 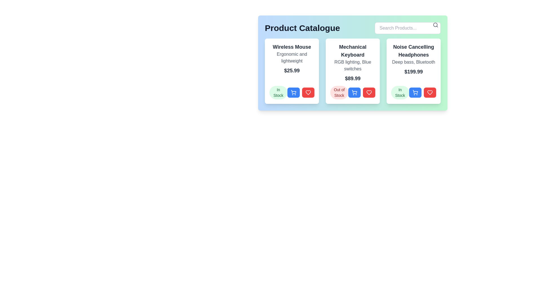 I want to click on the 'Wireless Mouse' text label located at the top of the first product card in the product catalog section, which is formatted in bold dark gray and positioned above the description and price, so click(x=292, y=46).